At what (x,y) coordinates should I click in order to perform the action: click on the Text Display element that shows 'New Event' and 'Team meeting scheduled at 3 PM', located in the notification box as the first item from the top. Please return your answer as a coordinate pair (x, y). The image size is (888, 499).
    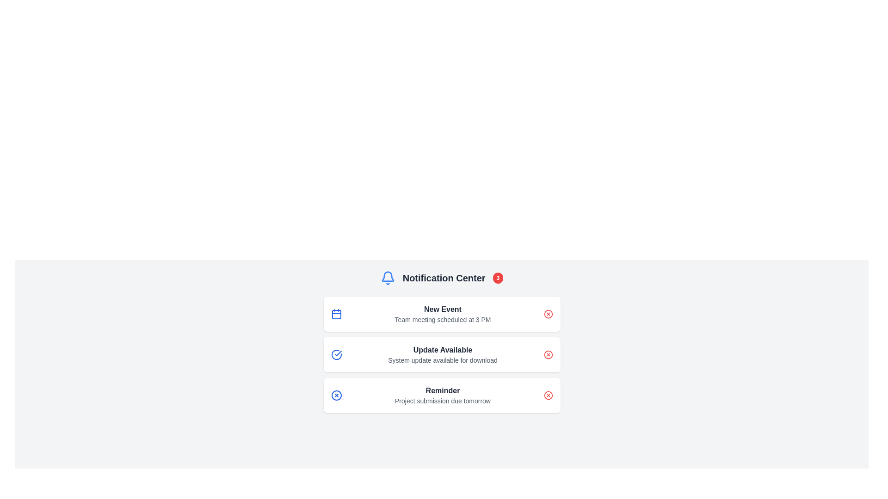
    Looking at the image, I should click on (442, 313).